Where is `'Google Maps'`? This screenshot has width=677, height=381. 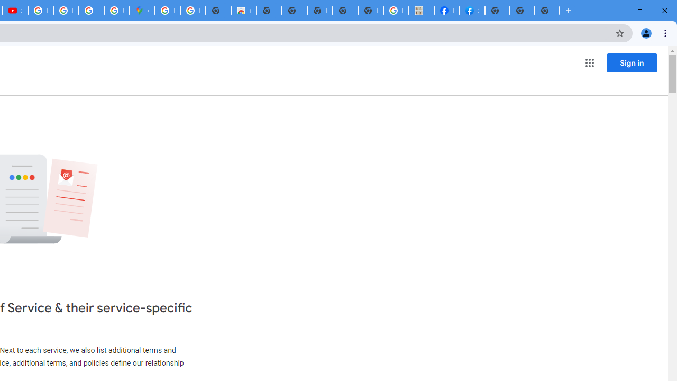
'Google Maps' is located at coordinates (141, 11).